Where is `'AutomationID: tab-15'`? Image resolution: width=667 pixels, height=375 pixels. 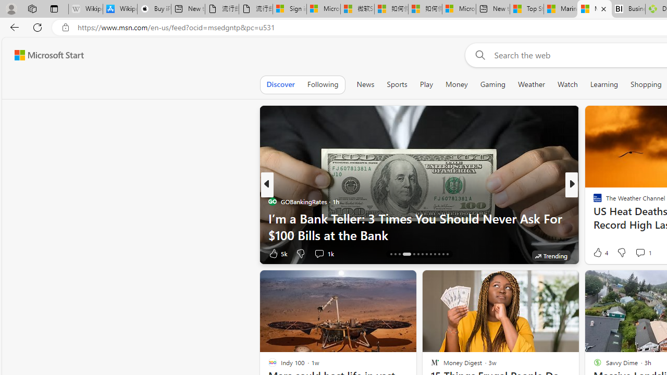
'AutomationID: tab-15' is located at coordinates (394, 254).